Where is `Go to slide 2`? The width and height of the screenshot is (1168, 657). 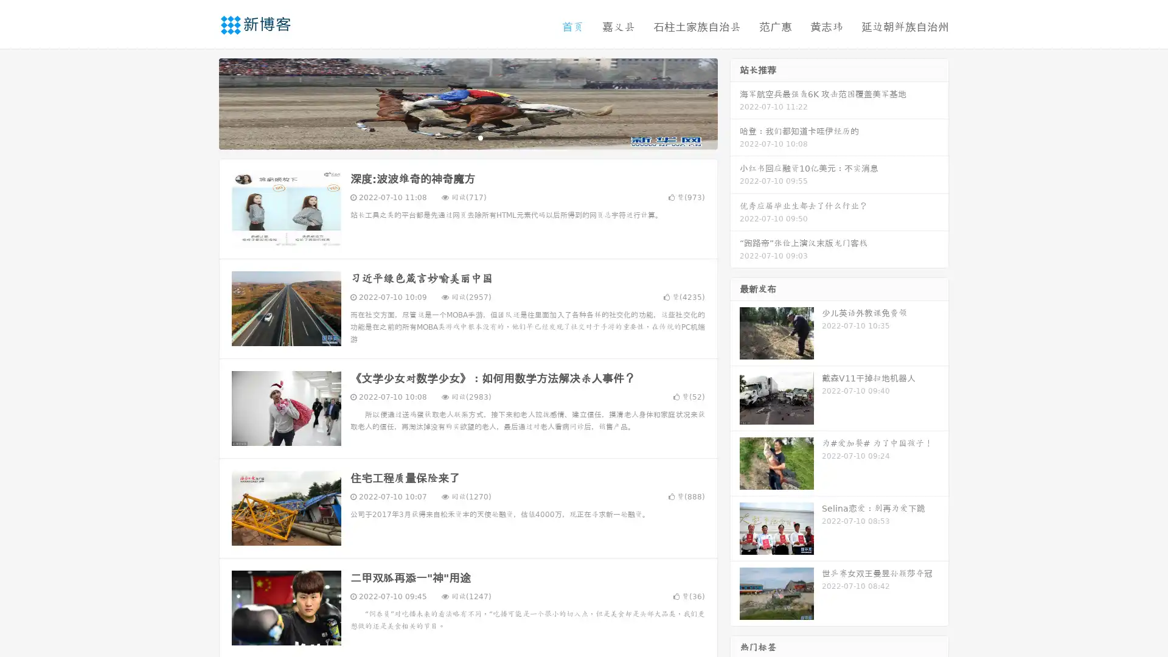 Go to slide 2 is located at coordinates (467, 137).